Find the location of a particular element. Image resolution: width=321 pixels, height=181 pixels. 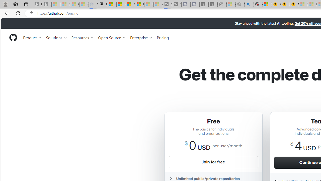

'Michelle Starr, Senior Journalist at ScienceAlert' is located at coordinates (294, 4).